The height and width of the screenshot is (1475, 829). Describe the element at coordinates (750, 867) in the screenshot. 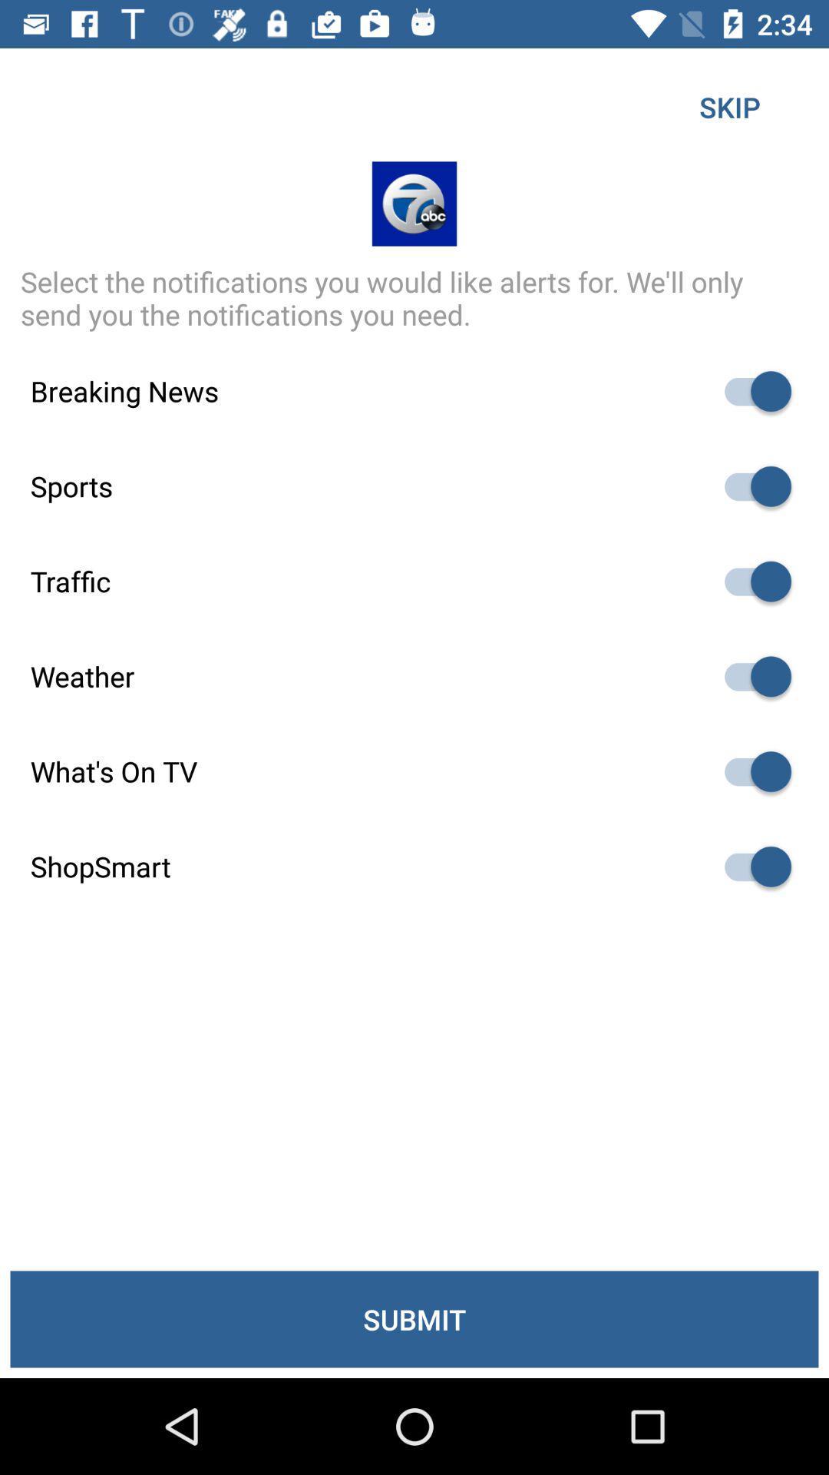

I see `on or off` at that location.